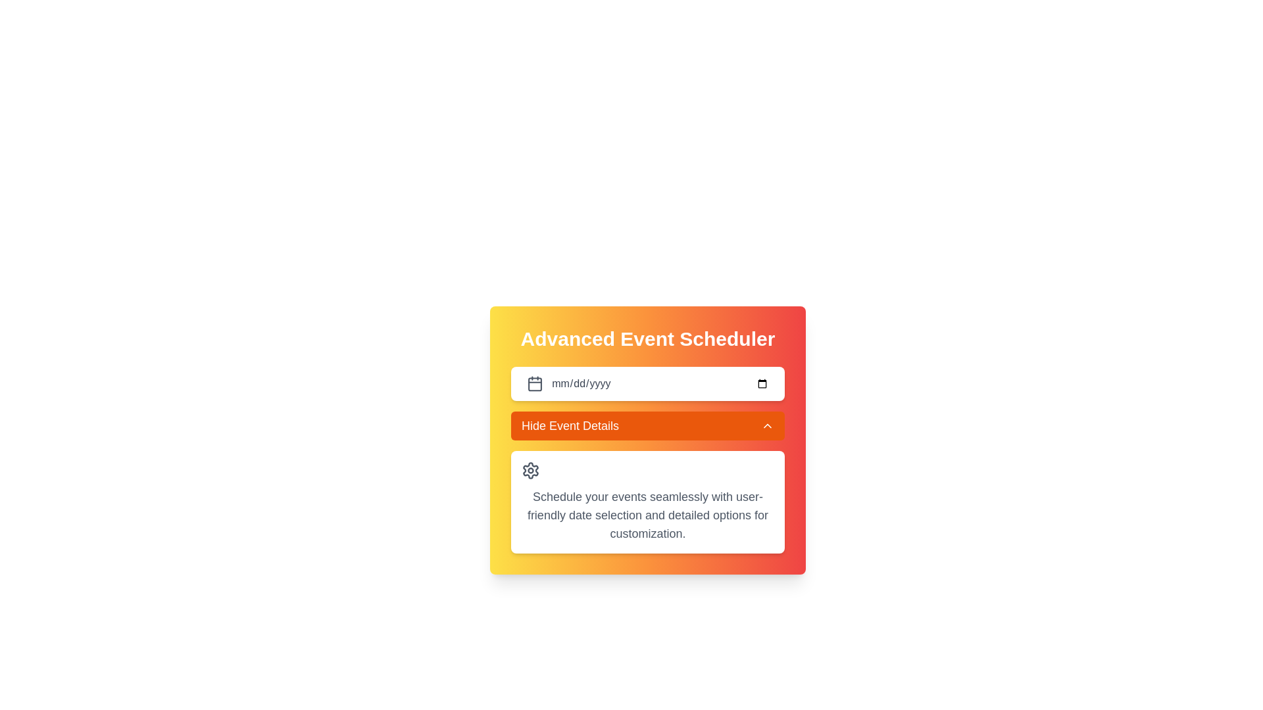 This screenshot has width=1263, height=710. I want to click on the Descriptive Information Block that contains a settings icon and descriptive text about scheduling events, located below the 'Hide Event Details' button in the 'Advanced Event Scheduler' card, so click(647, 502).